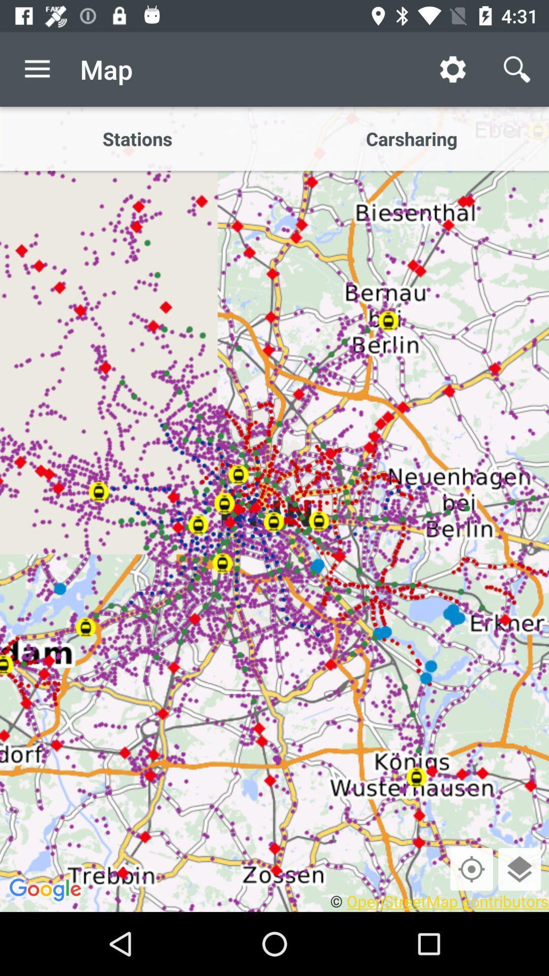  Describe the element at coordinates (520, 868) in the screenshot. I see `the layers icon` at that location.